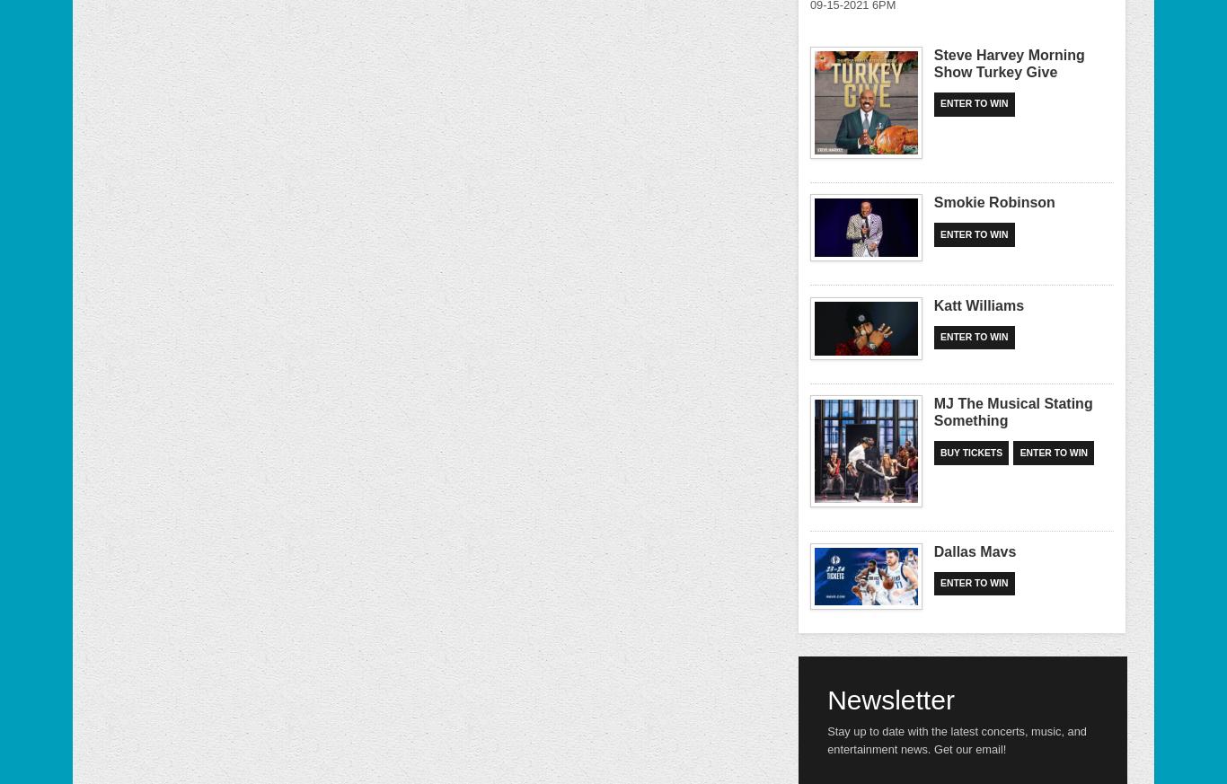  I want to click on 'Get our email!', so click(968, 749).